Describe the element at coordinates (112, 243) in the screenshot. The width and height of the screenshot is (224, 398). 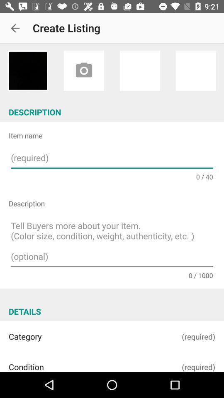
I see `the icon above 0 / 1000` at that location.